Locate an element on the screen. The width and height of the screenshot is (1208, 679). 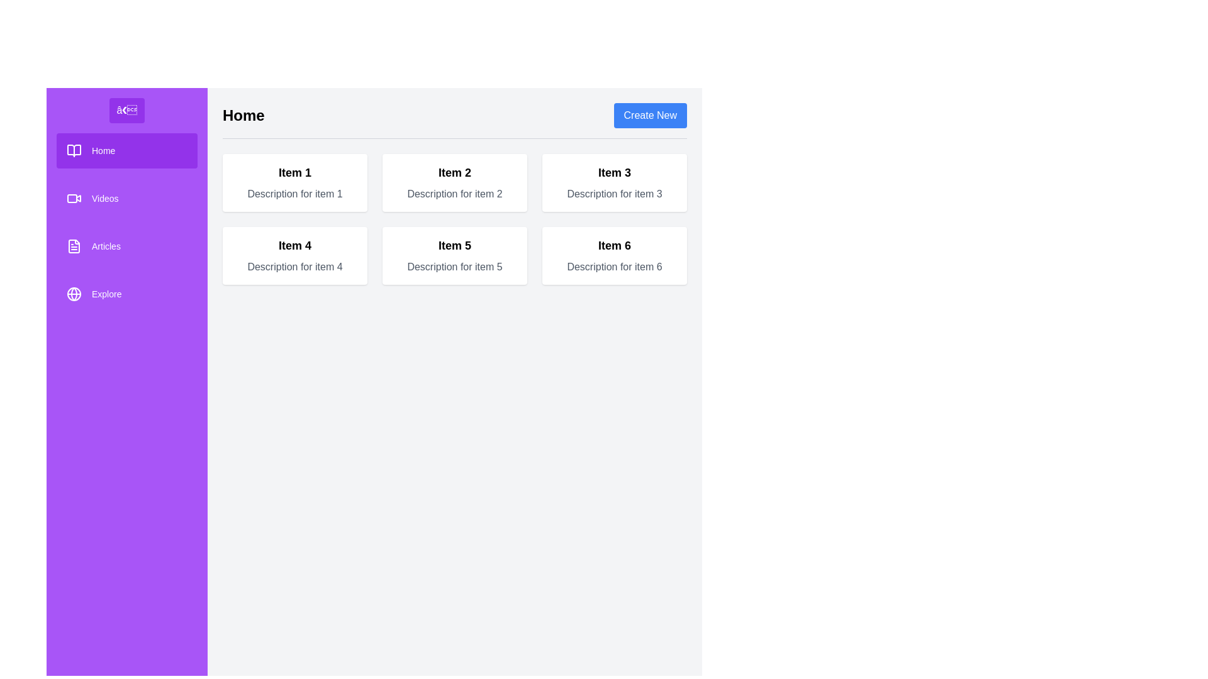
the 'Videos' option in the vertical navigation menu is located at coordinates (126, 222).